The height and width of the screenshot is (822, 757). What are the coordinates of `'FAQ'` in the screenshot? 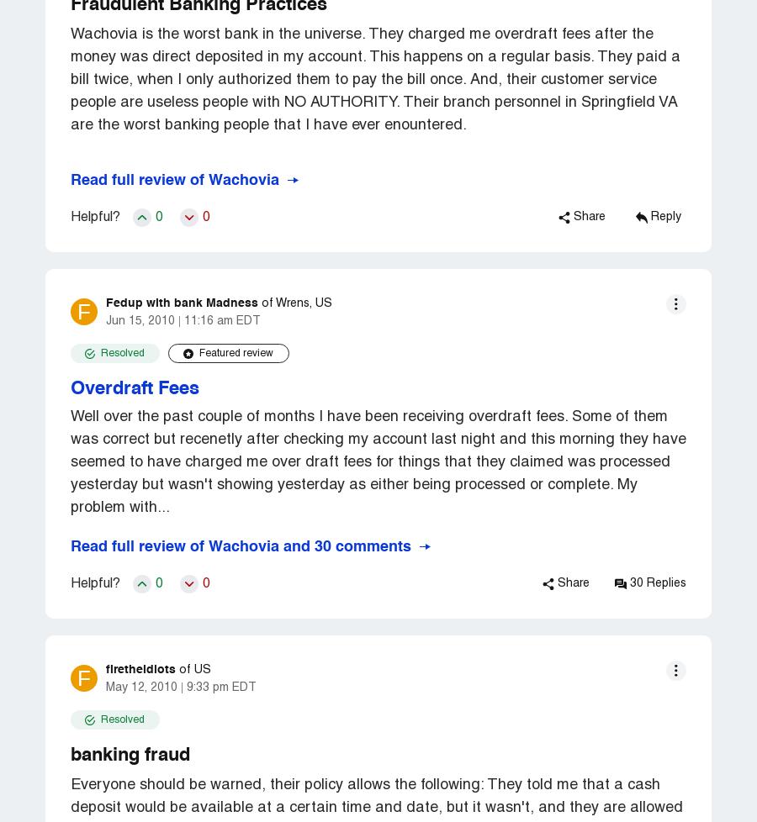 It's located at (224, 710).